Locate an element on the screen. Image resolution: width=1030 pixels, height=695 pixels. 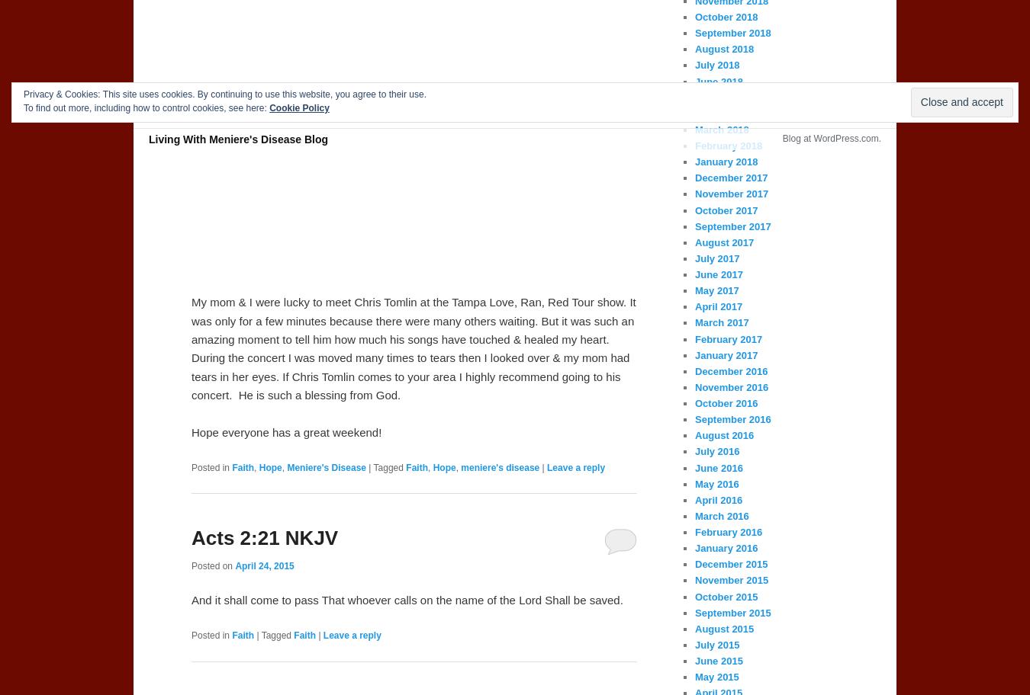
'April 2017' is located at coordinates (718, 306).